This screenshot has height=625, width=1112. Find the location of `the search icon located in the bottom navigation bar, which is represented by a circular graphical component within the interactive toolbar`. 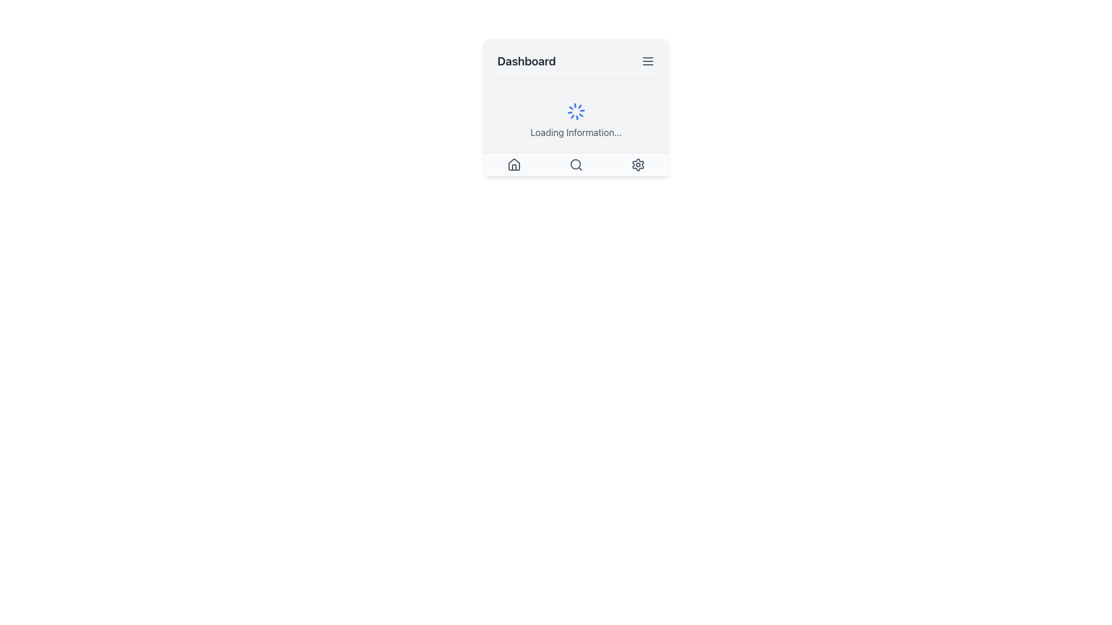

the search icon located in the bottom navigation bar, which is represented by a circular graphical component within the interactive toolbar is located at coordinates (575, 164).